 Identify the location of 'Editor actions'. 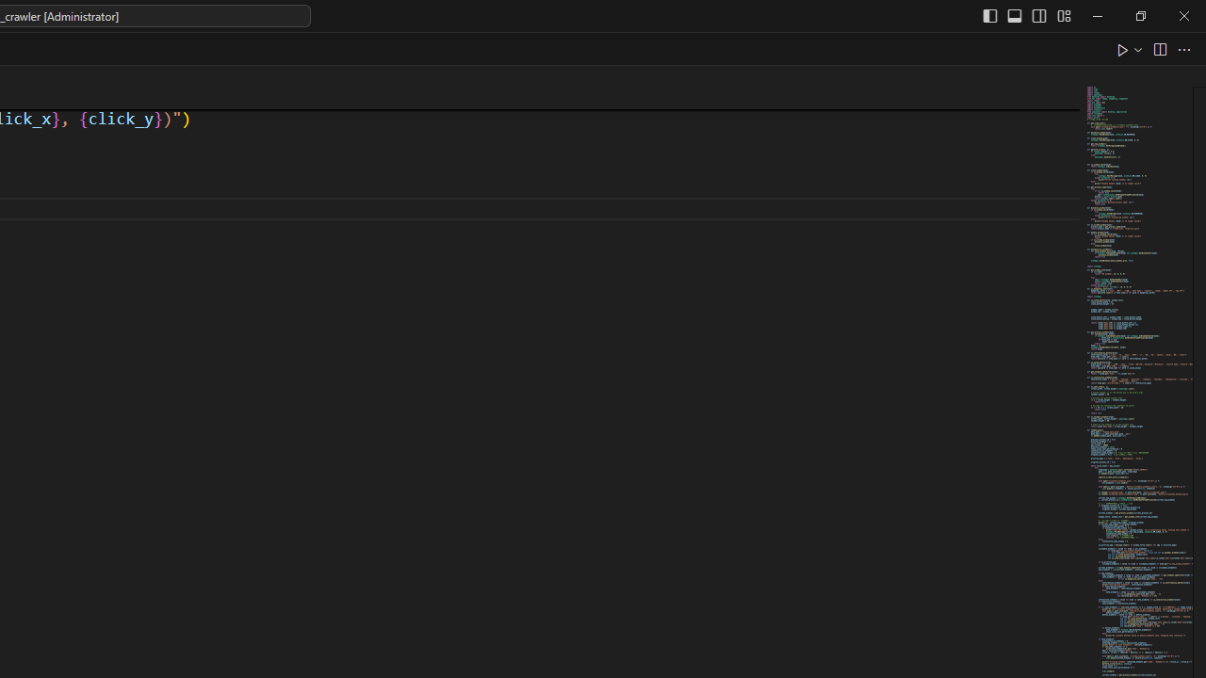
(1154, 48).